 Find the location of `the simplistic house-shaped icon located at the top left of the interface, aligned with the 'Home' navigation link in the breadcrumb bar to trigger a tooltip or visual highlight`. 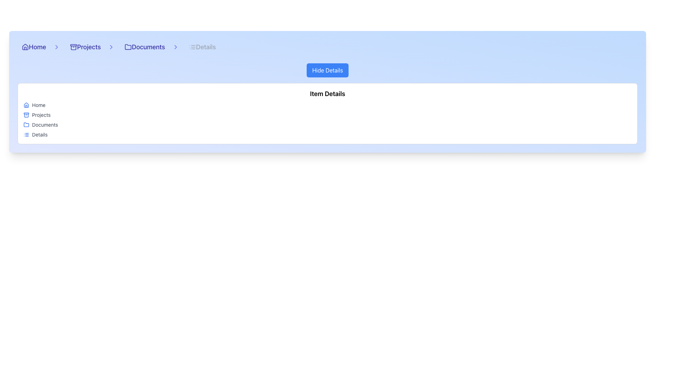

the simplistic house-shaped icon located at the top left of the interface, aligned with the 'Home' navigation link in the breadcrumb bar to trigger a tooltip or visual highlight is located at coordinates (25, 46).